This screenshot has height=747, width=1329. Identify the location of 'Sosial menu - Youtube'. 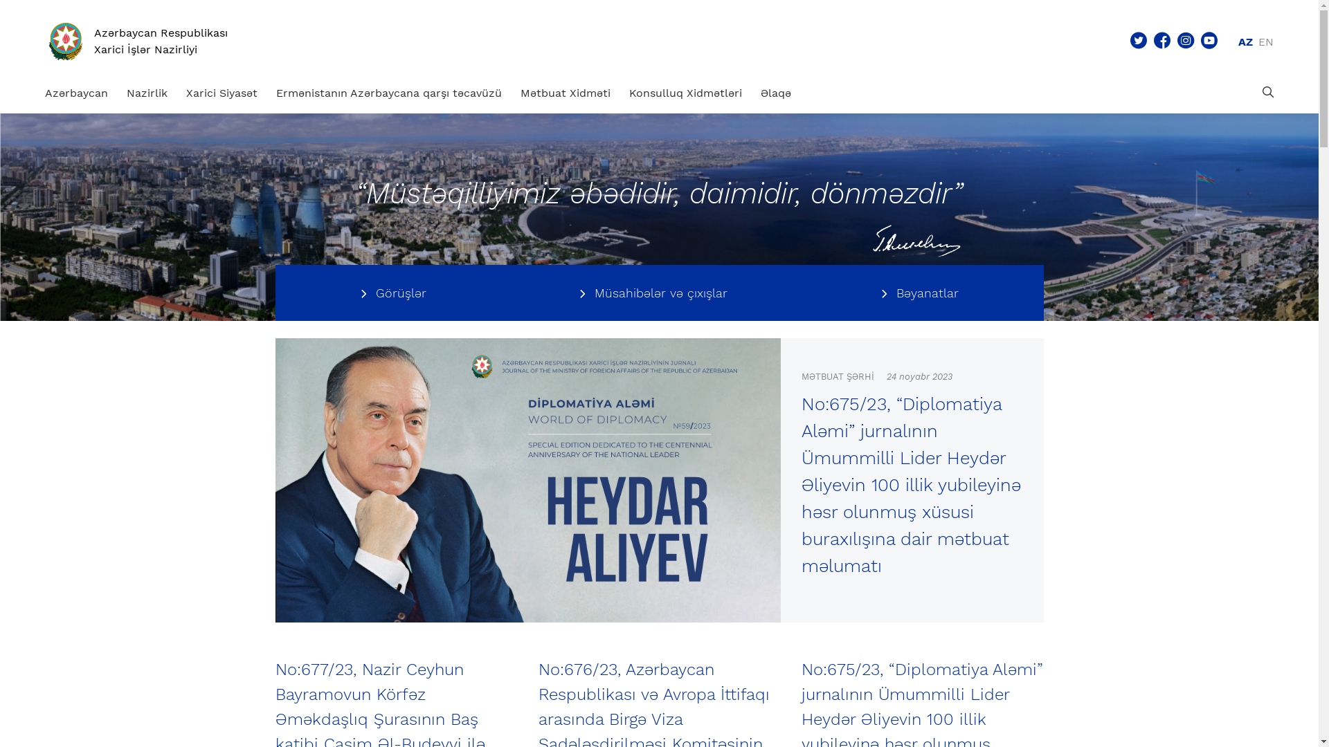
(1200, 41).